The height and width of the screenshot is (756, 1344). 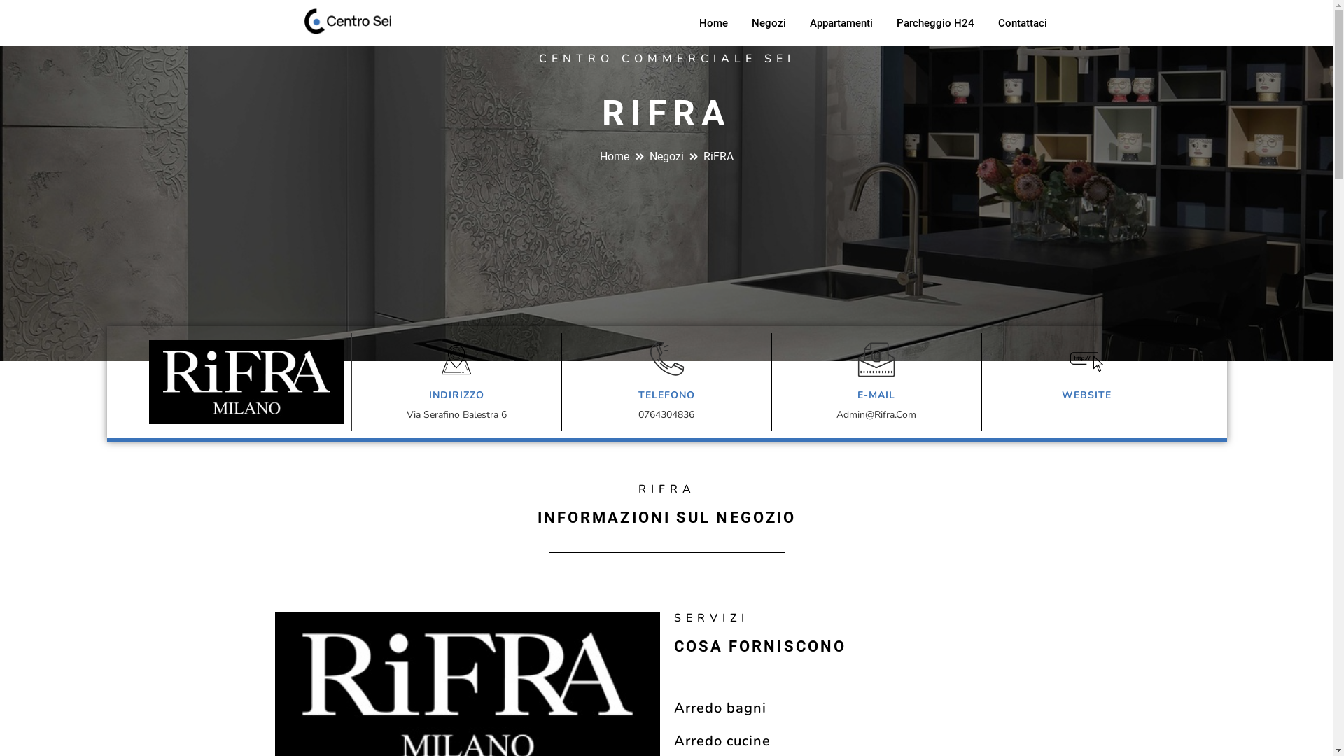 I want to click on 'Home', so click(x=615, y=156).